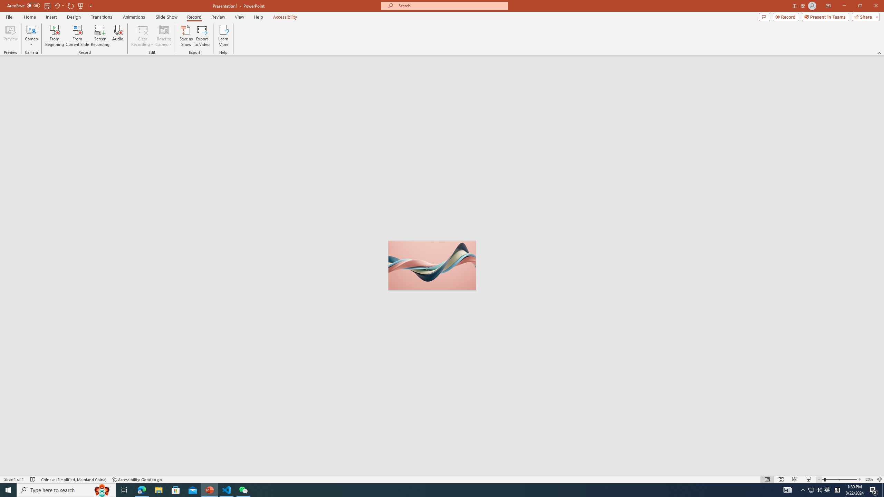 The width and height of the screenshot is (884, 497). Describe the element at coordinates (117, 36) in the screenshot. I see `'Audio'` at that location.